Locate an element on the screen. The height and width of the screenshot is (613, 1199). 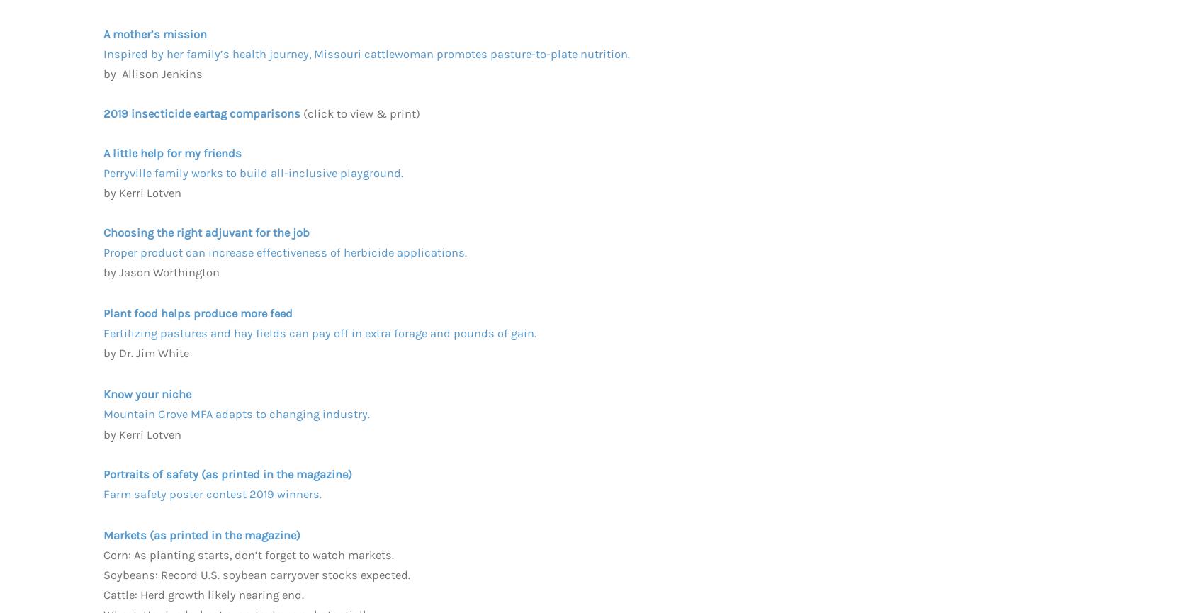
'Plant food helps produce more feed' is located at coordinates (103, 313).